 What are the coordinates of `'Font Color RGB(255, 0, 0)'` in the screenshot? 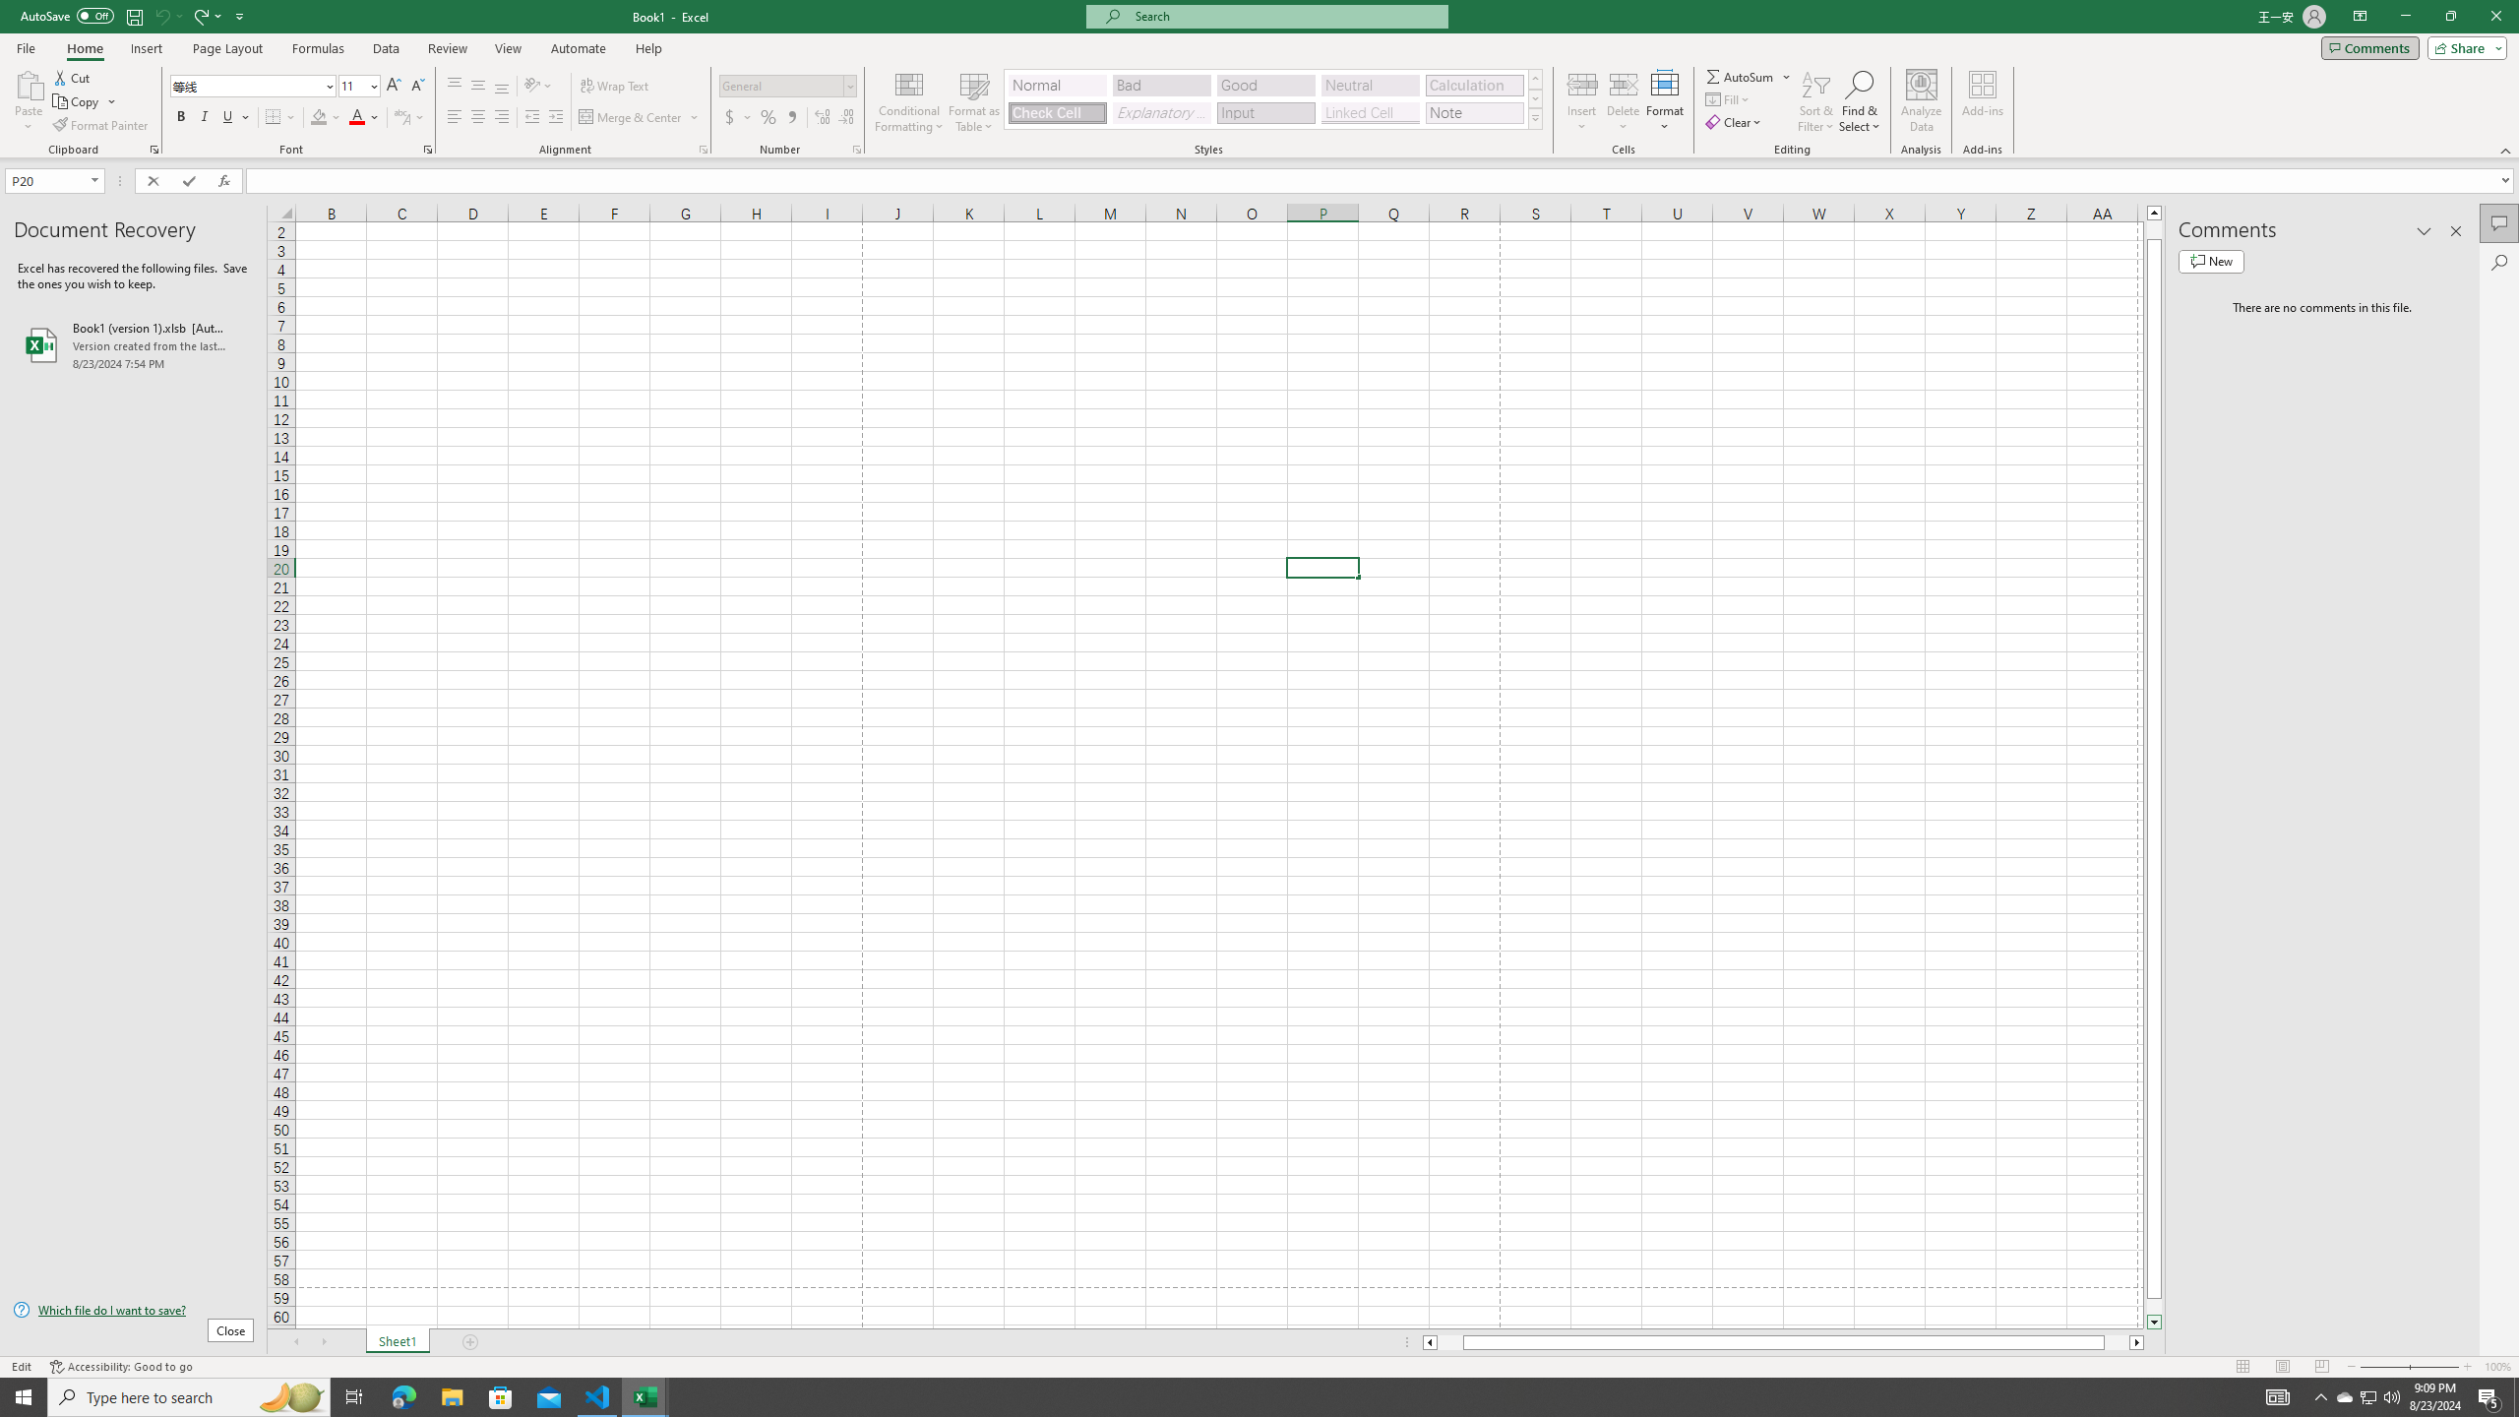 It's located at (356, 116).